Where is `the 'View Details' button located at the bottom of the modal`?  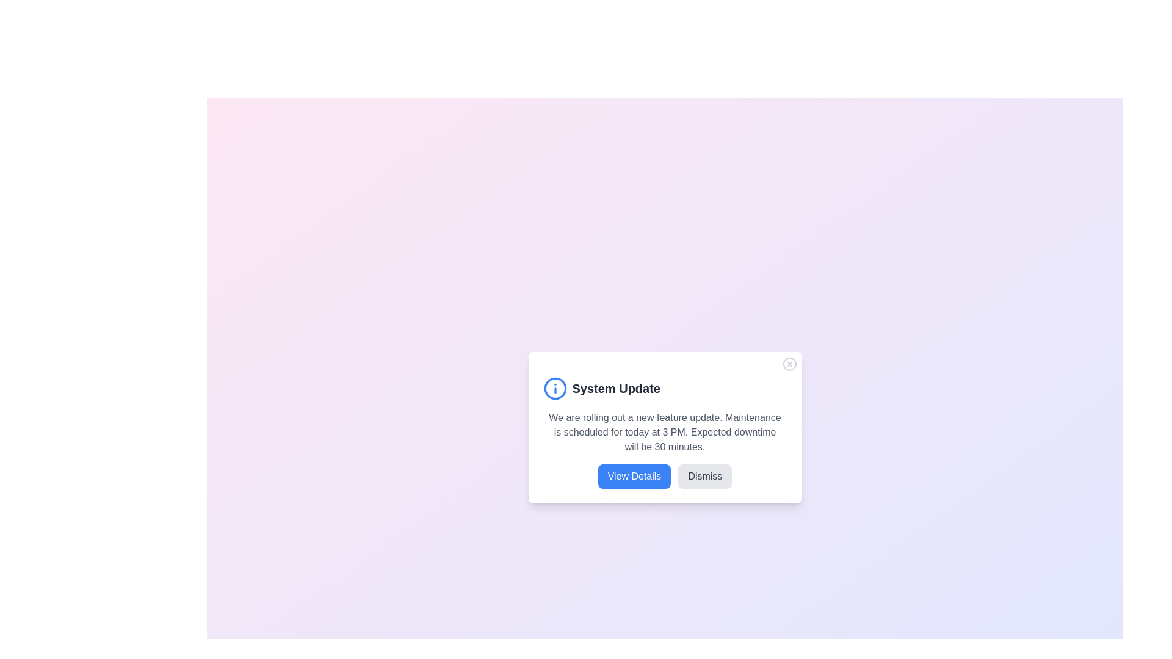
the 'View Details' button located at the bottom of the modal is located at coordinates (634, 475).